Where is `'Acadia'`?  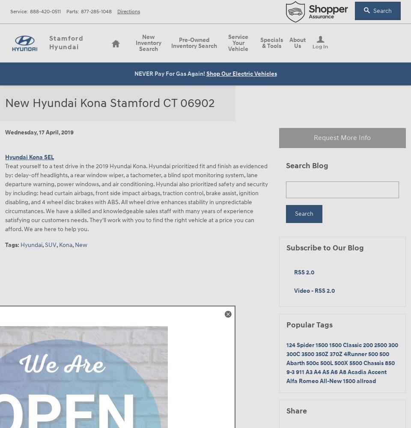 'Acadia' is located at coordinates (357, 371).